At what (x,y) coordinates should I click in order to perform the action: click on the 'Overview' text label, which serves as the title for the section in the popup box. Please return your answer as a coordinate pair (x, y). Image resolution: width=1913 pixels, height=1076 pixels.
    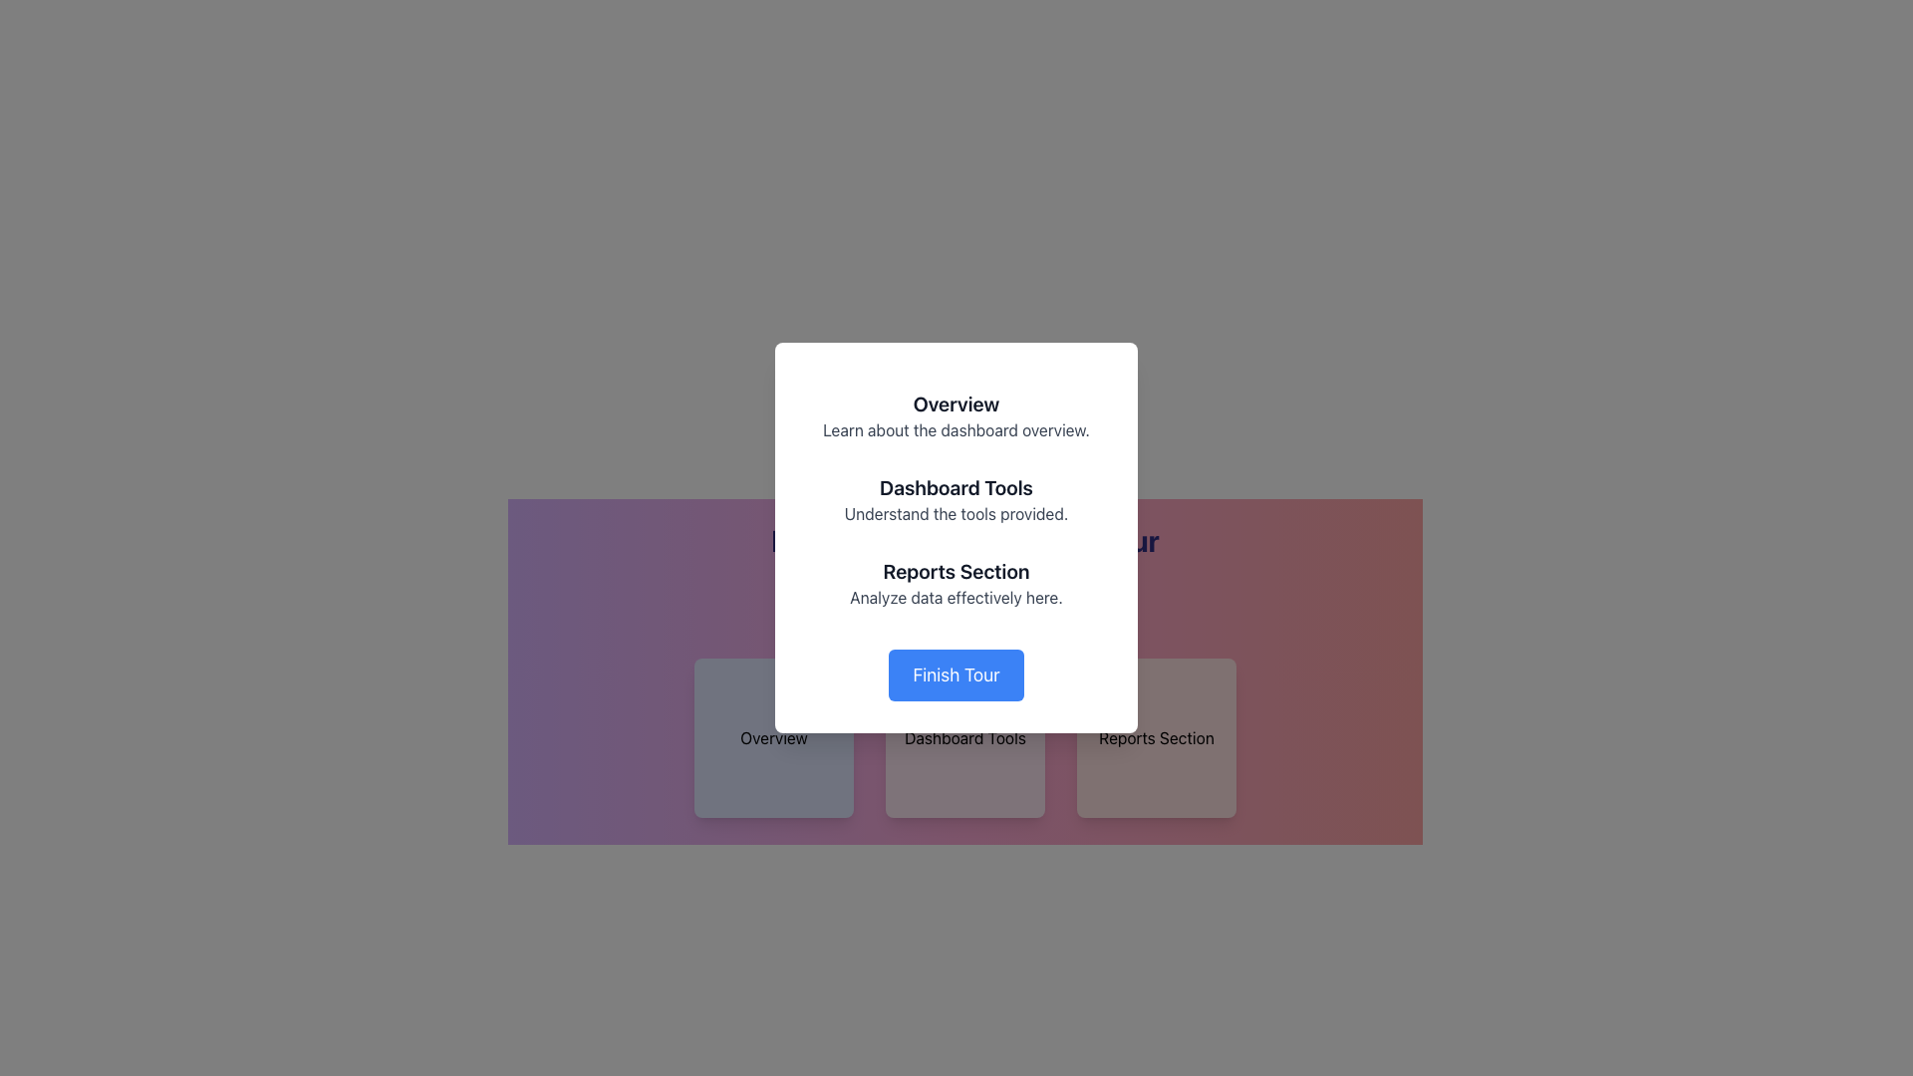
    Looking at the image, I should click on (956, 403).